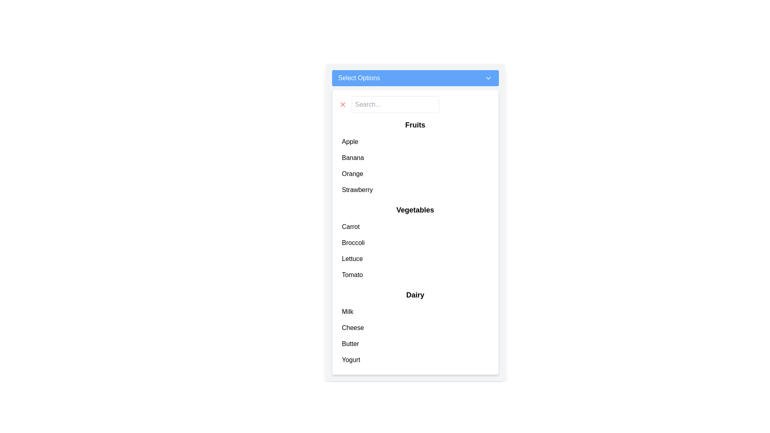 The width and height of the screenshot is (770, 433). I want to click on to select the 'Strawberry' item in the middle of the 'Fruits' category list, which is positioned beneath 'Orange' and above 'Vegetables', so click(357, 190).